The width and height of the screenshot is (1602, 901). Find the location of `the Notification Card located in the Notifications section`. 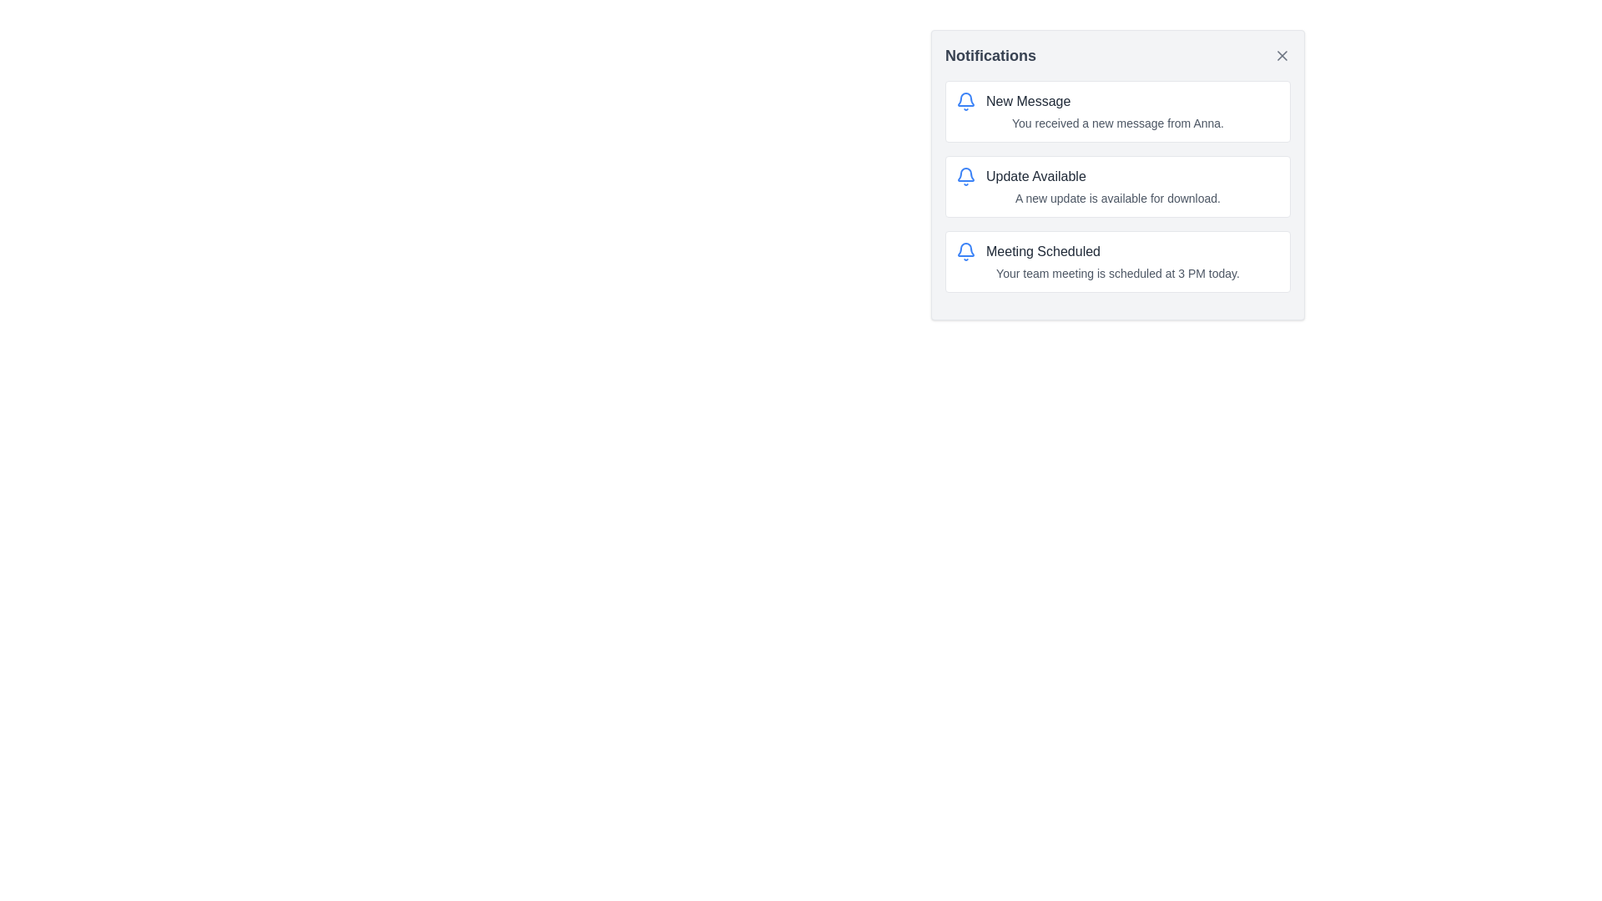

the Notification Card located in the Notifications section is located at coordinates (1117, 174).